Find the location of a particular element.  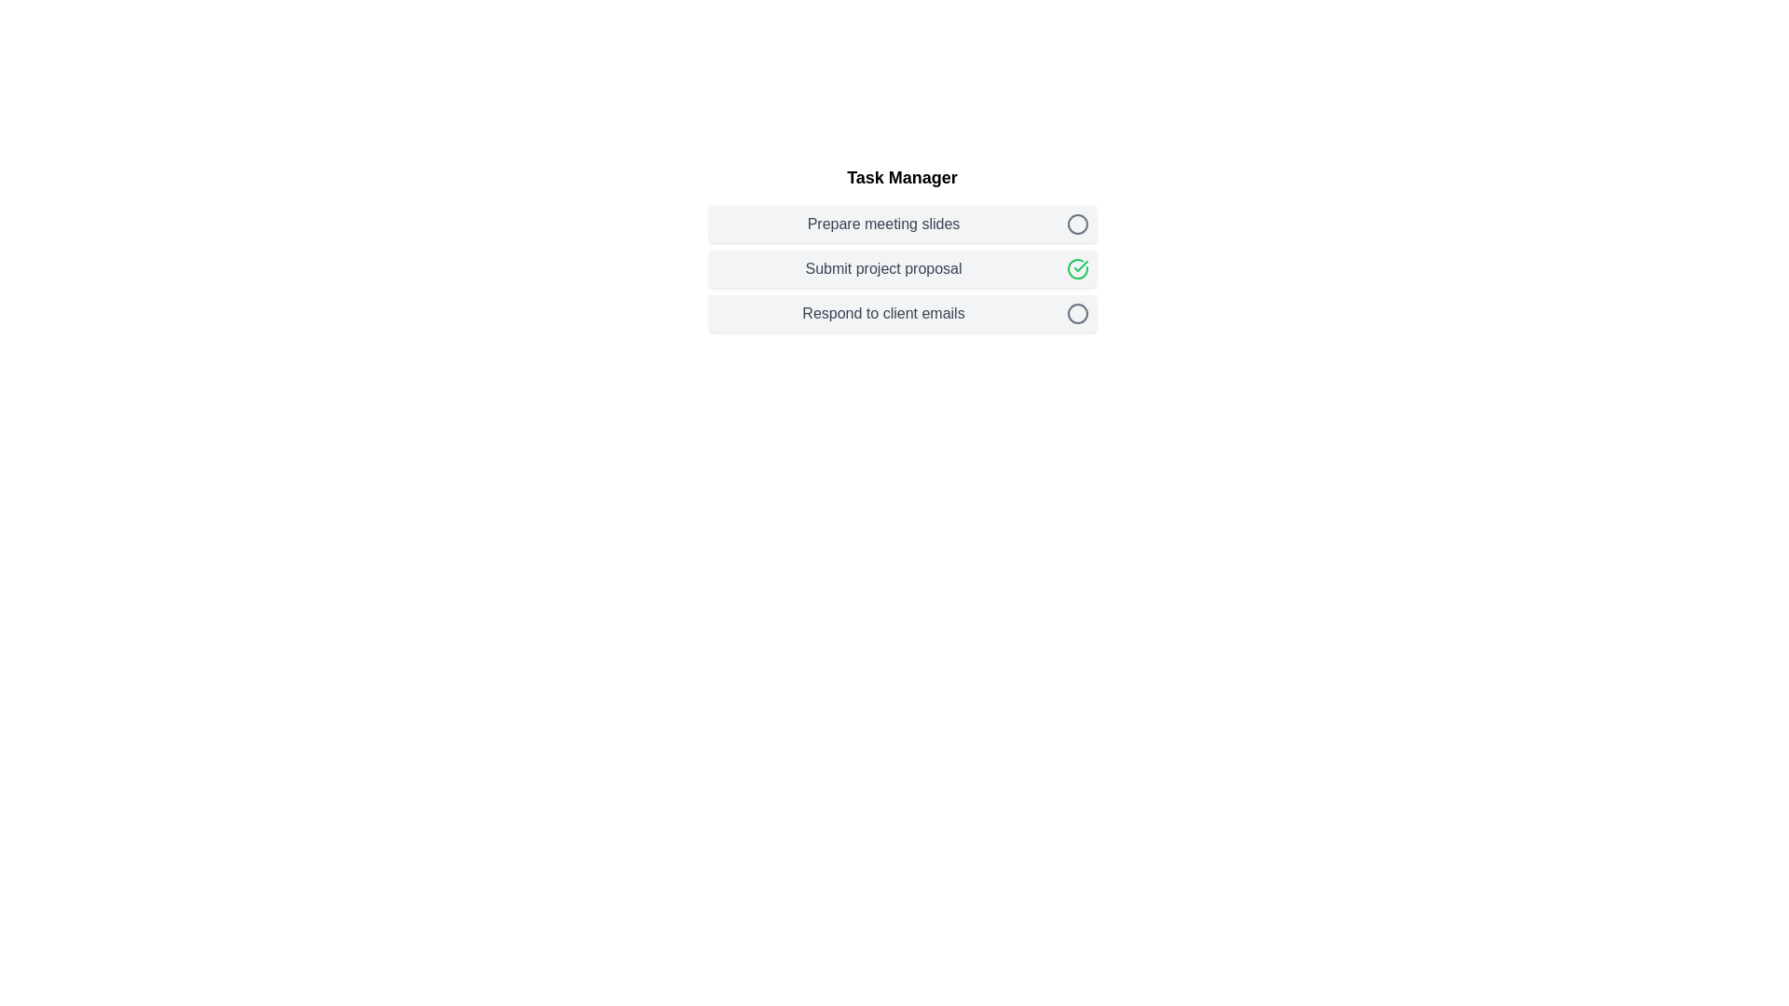

the interactive list item representing the task 'Submit project proposal' within the 'Task Manager' interface is located at coordinates (902, 247).